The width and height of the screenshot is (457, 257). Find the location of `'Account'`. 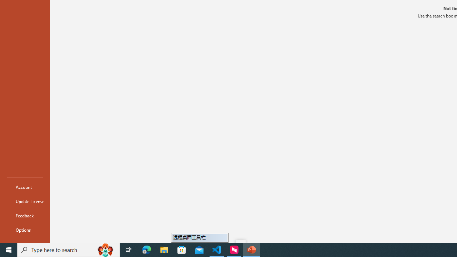

'Account' is located at coordinates (25, 187).